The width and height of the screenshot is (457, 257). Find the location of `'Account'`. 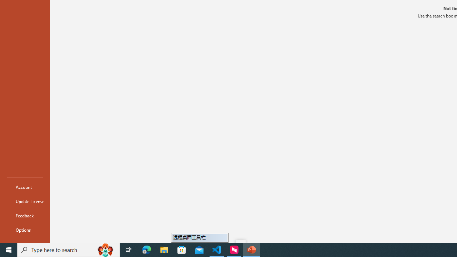

'Account' is located at coordinates (25, 187).